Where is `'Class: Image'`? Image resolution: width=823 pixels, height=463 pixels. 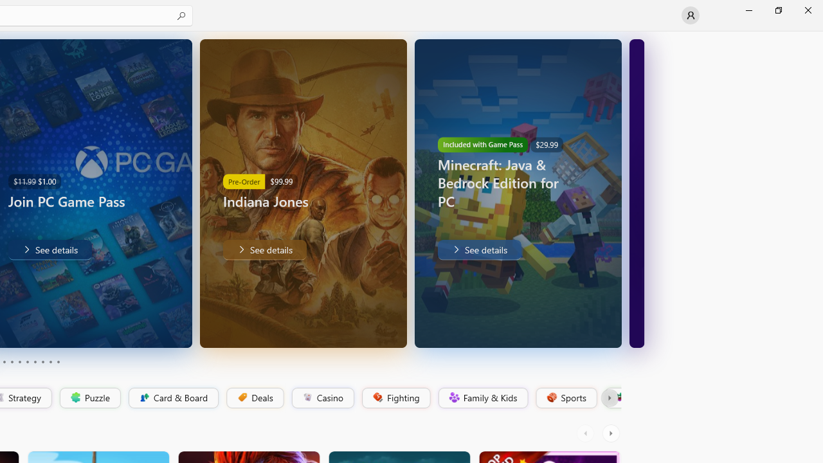
'Class: Image' is located at coordinates (618, 396).